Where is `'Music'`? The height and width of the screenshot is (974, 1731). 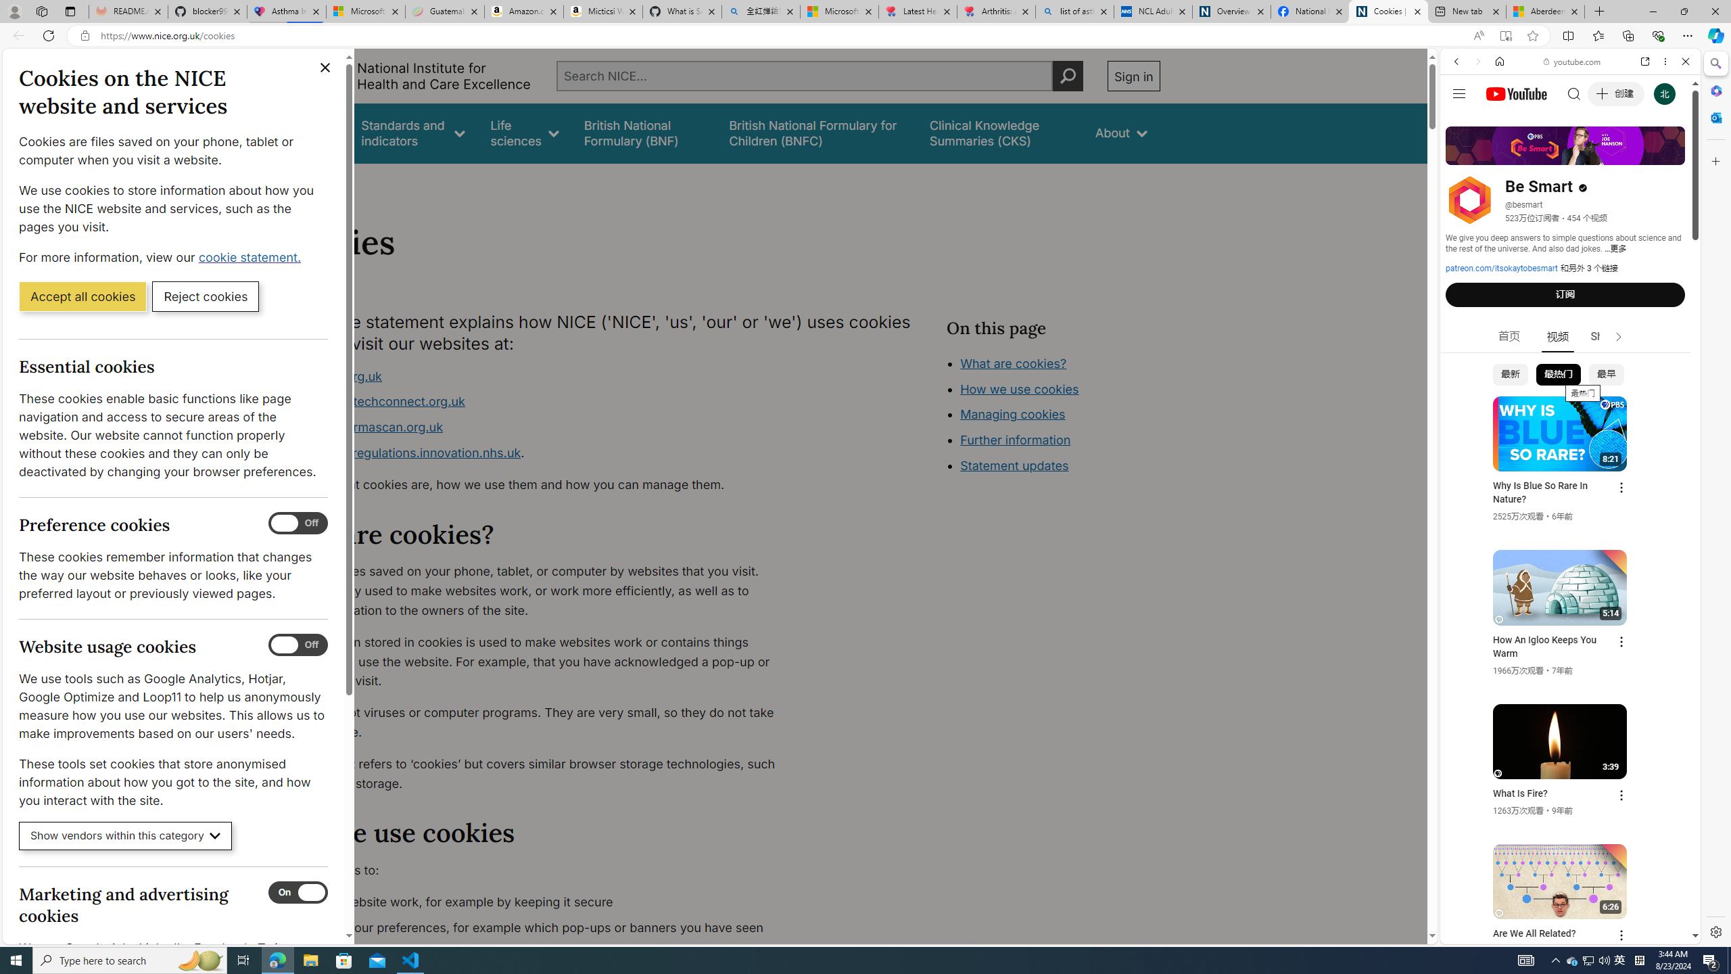 'Music' is located at coordinates (1569, 367).